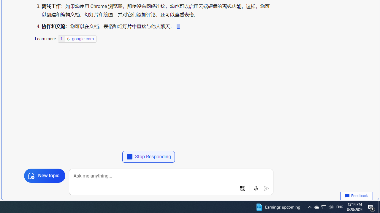 Image resolution: width=380 pixels, height=213 pixels. Describe the element at coordinates (148, 156) in the screenshot. I see `'Stop Responding'` at that location.